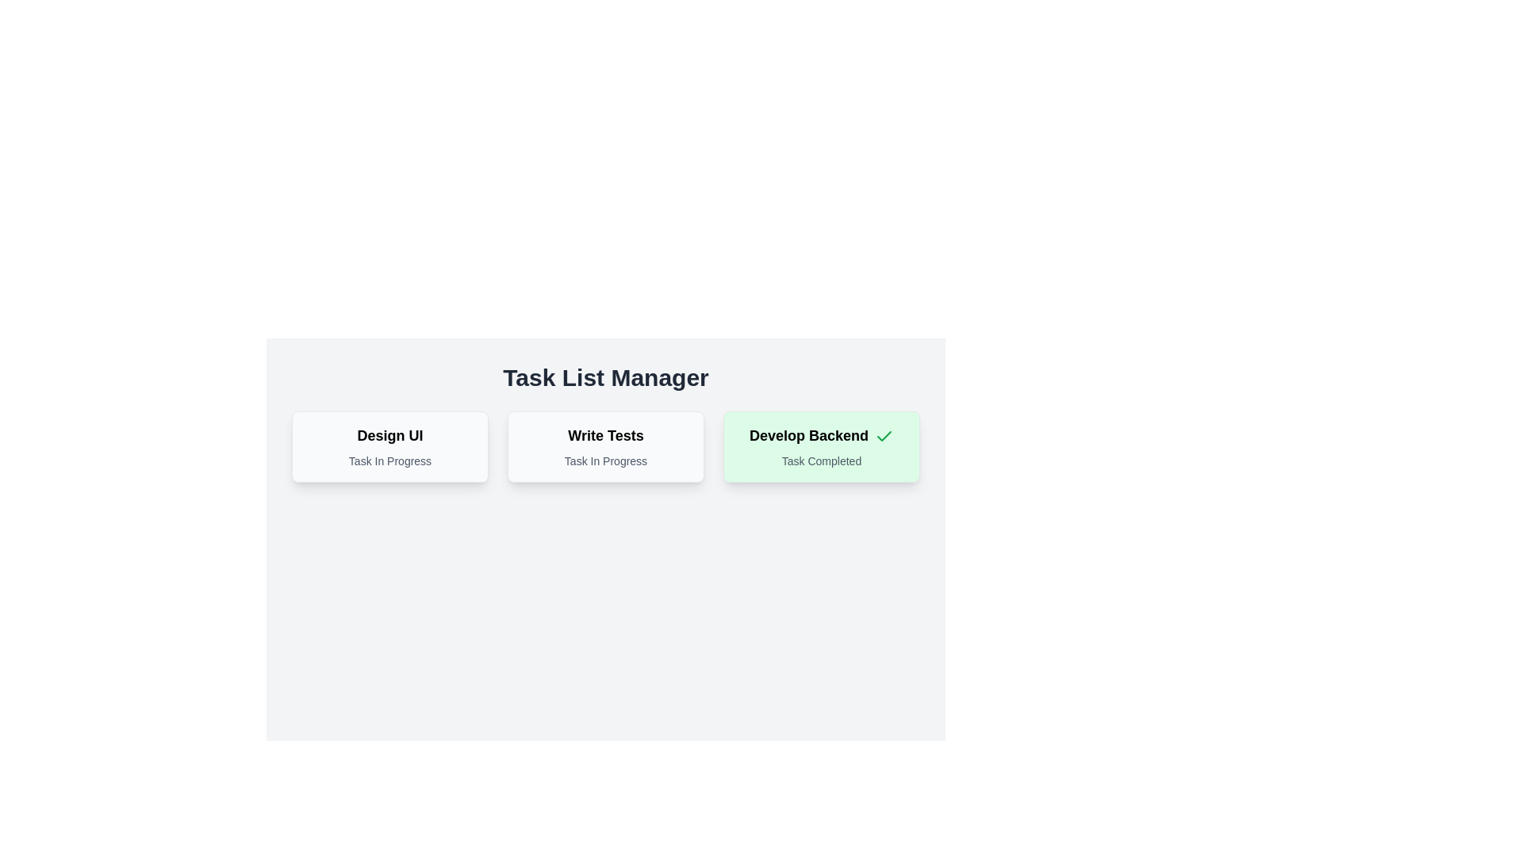 The height and width of the screenshot is (856, 1523). Describe the element at coordinates (822, 436) in the screenshot. I see `the Heading text indicating the task name 'Develop Backend' located in the third card under the 'Task List Manager' section` at that location.